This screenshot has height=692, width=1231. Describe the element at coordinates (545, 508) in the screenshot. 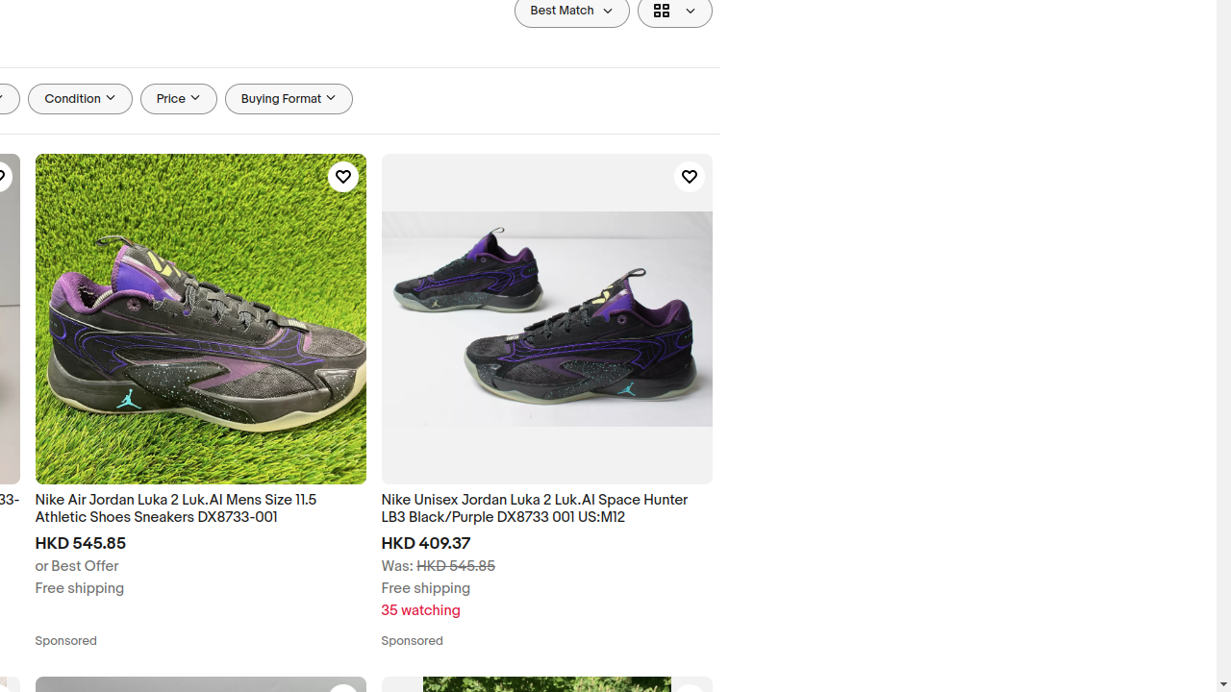

I see `'Nike Unisex Jordan Luka 2 Luk.AI Space Hunter LB3 Black/Purple DX8733 001 US:M12'` at that location.